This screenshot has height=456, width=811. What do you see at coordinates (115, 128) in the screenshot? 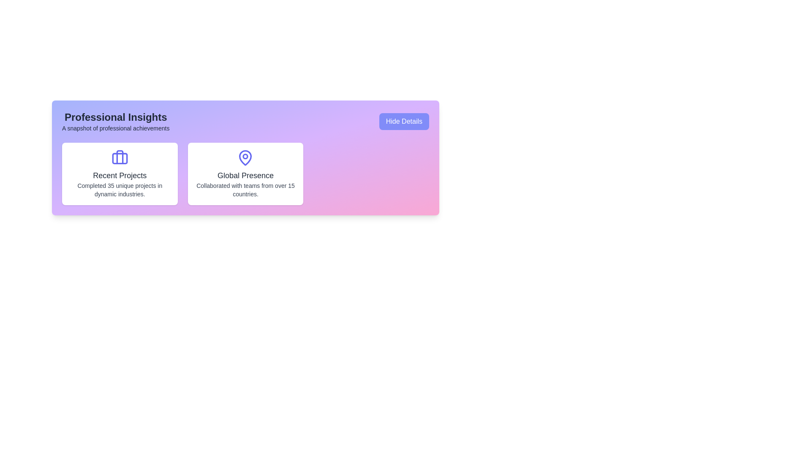
I see `the text label that serves as a subtitle for the 'Professional Insights' header, providing additional context to the user` at bounding box center [115, 128].